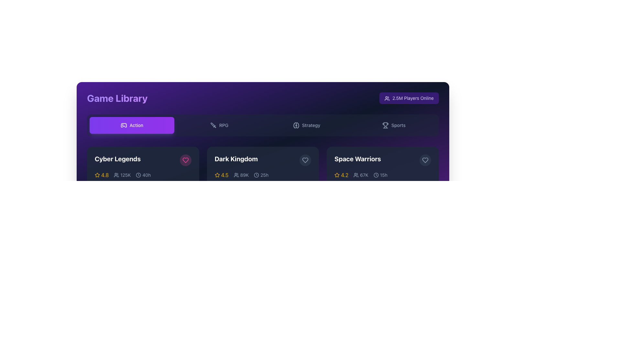 The width and height of the screenshot is (621, 349). Describe the element at coordinates (105, 175) in the screenshot. I see `the static text displaying the numerical rating for the game 'Cyber Legends', which is positioned on the leftmost side of the second row of the main UI grid, directly to the right of a star icon` at that location.